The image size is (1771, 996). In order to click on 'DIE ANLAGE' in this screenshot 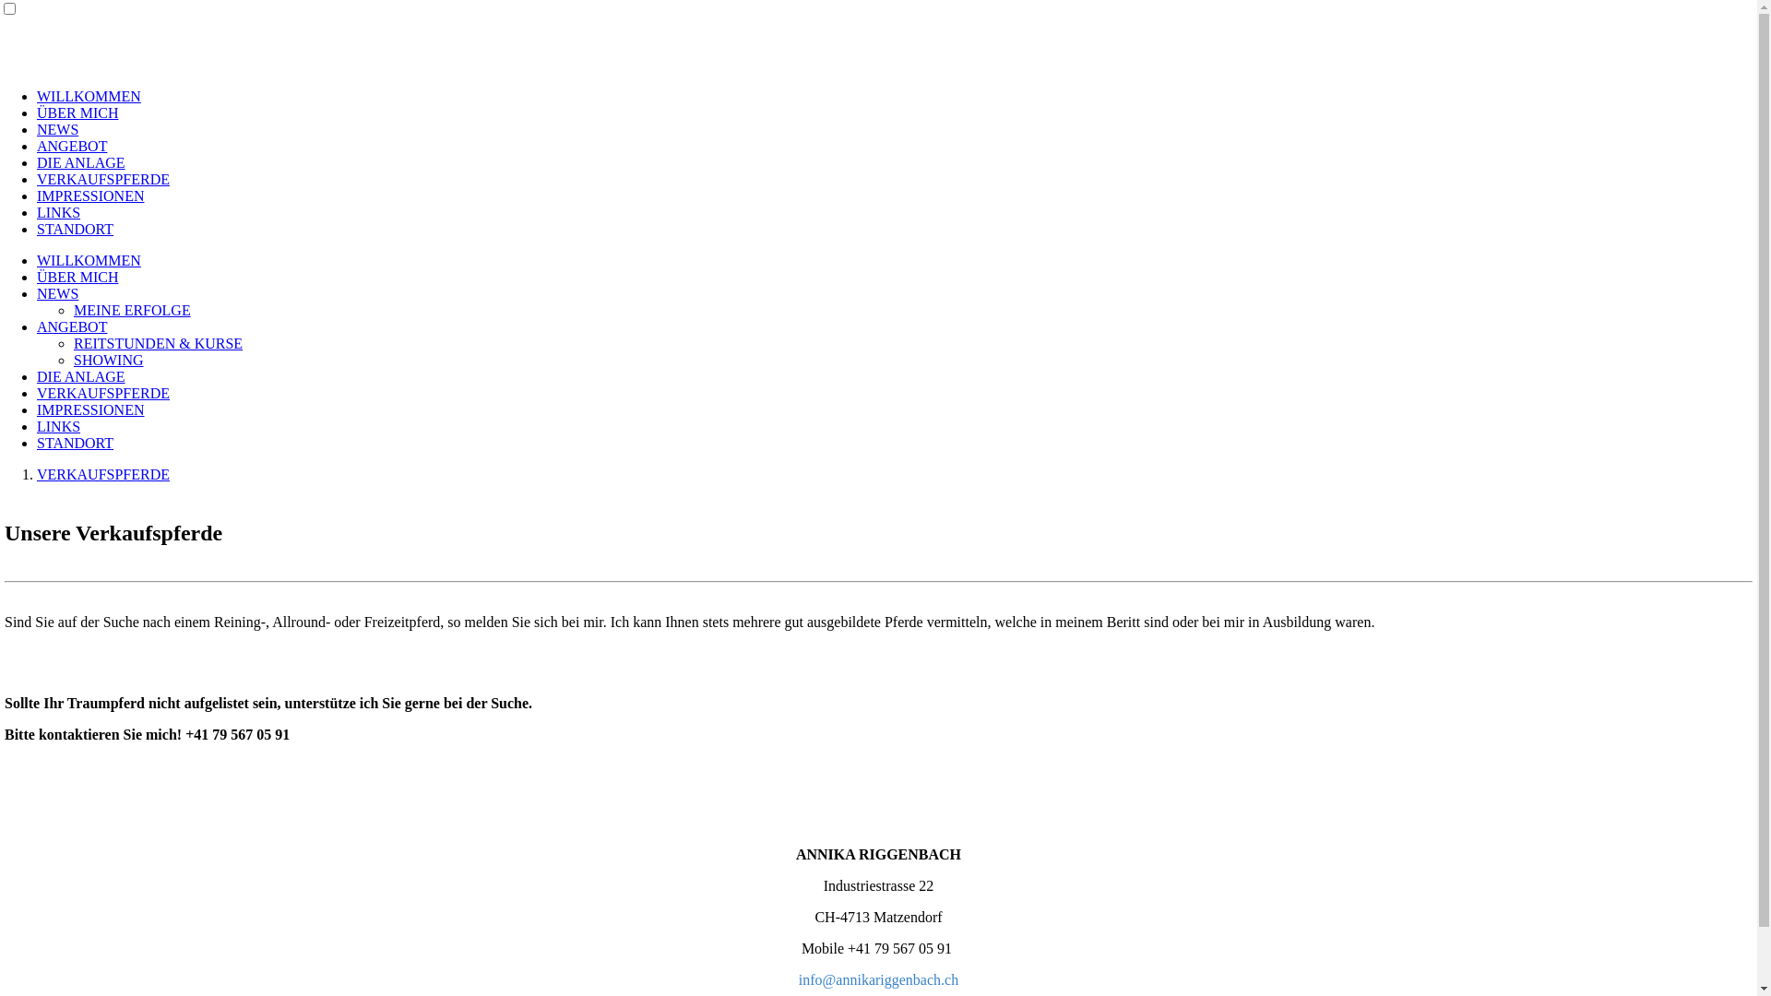, I will do `click(79, 375)`.